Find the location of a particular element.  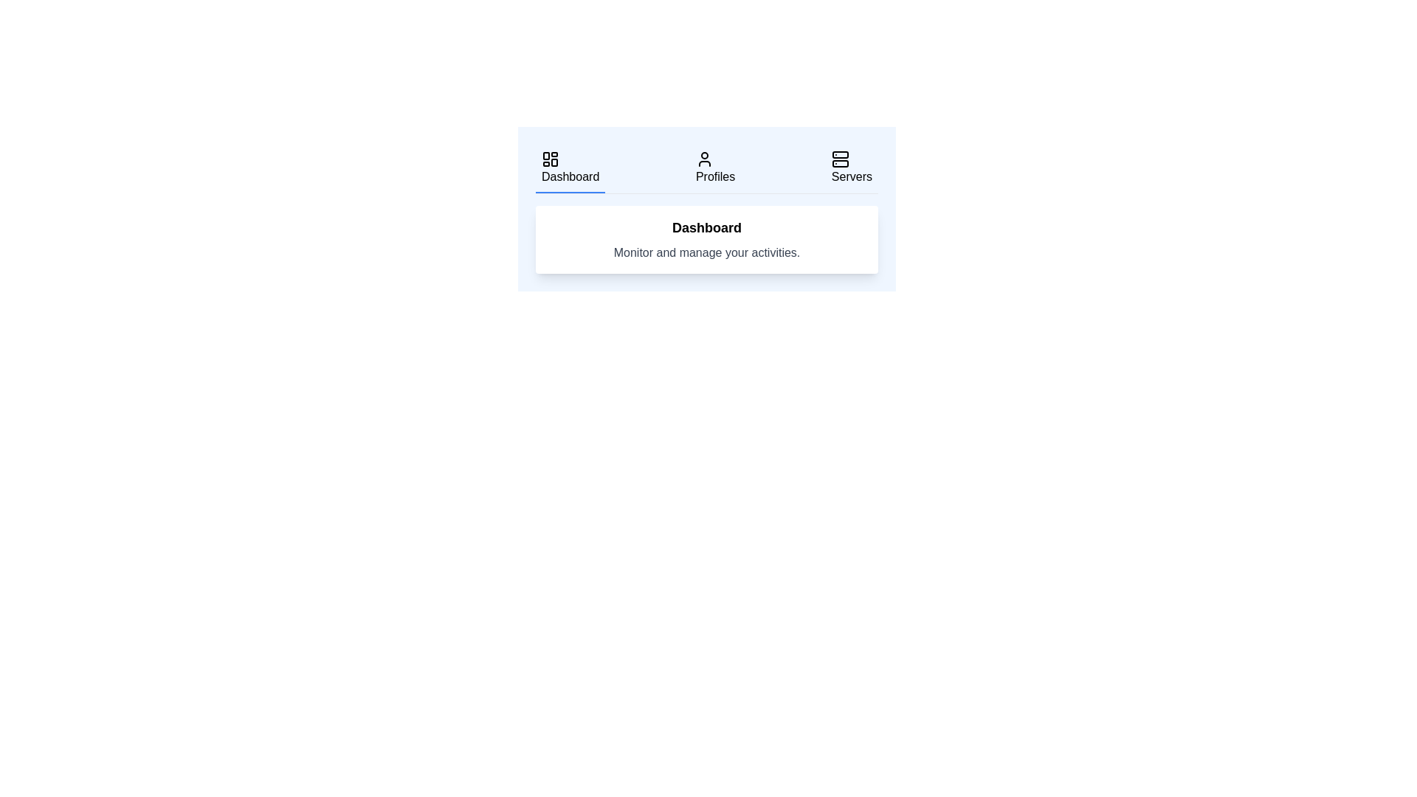

the tab labeled Profiles is located at coordinates (715, 168).